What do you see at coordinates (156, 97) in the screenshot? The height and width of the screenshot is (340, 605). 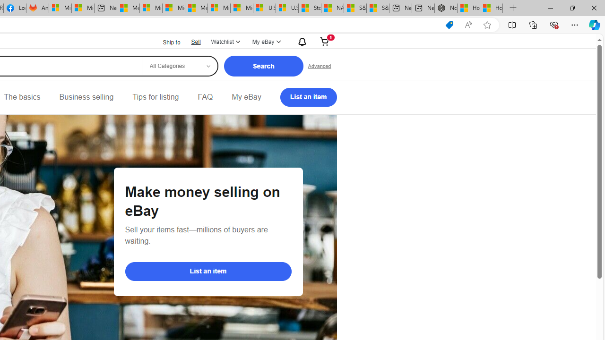 I see `'Tips for listing'` at bounding box center [156, 97].